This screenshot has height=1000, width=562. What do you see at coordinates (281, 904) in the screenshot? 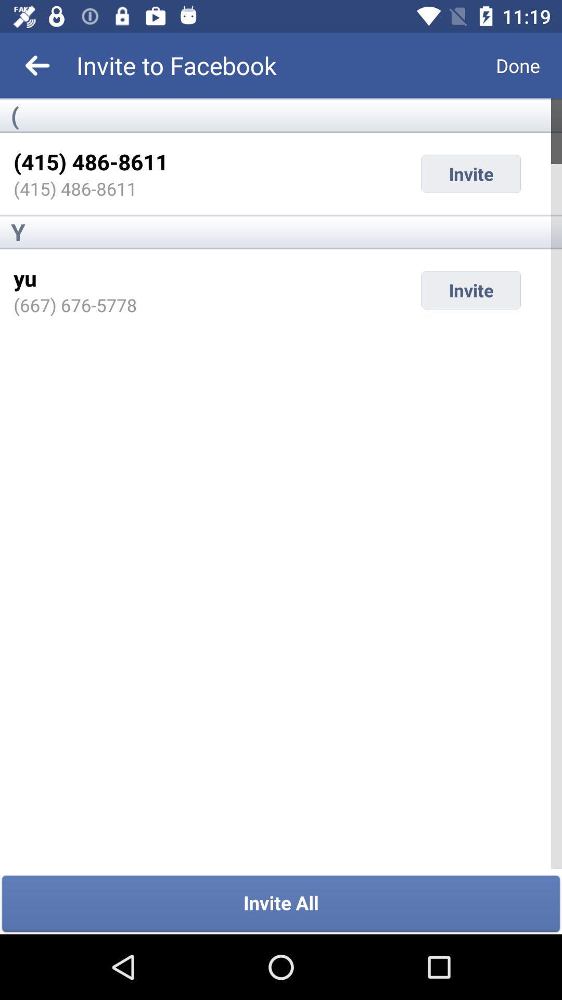
I see `icon below the (667) 676-5778 icon` at bounding box center [281, 904].